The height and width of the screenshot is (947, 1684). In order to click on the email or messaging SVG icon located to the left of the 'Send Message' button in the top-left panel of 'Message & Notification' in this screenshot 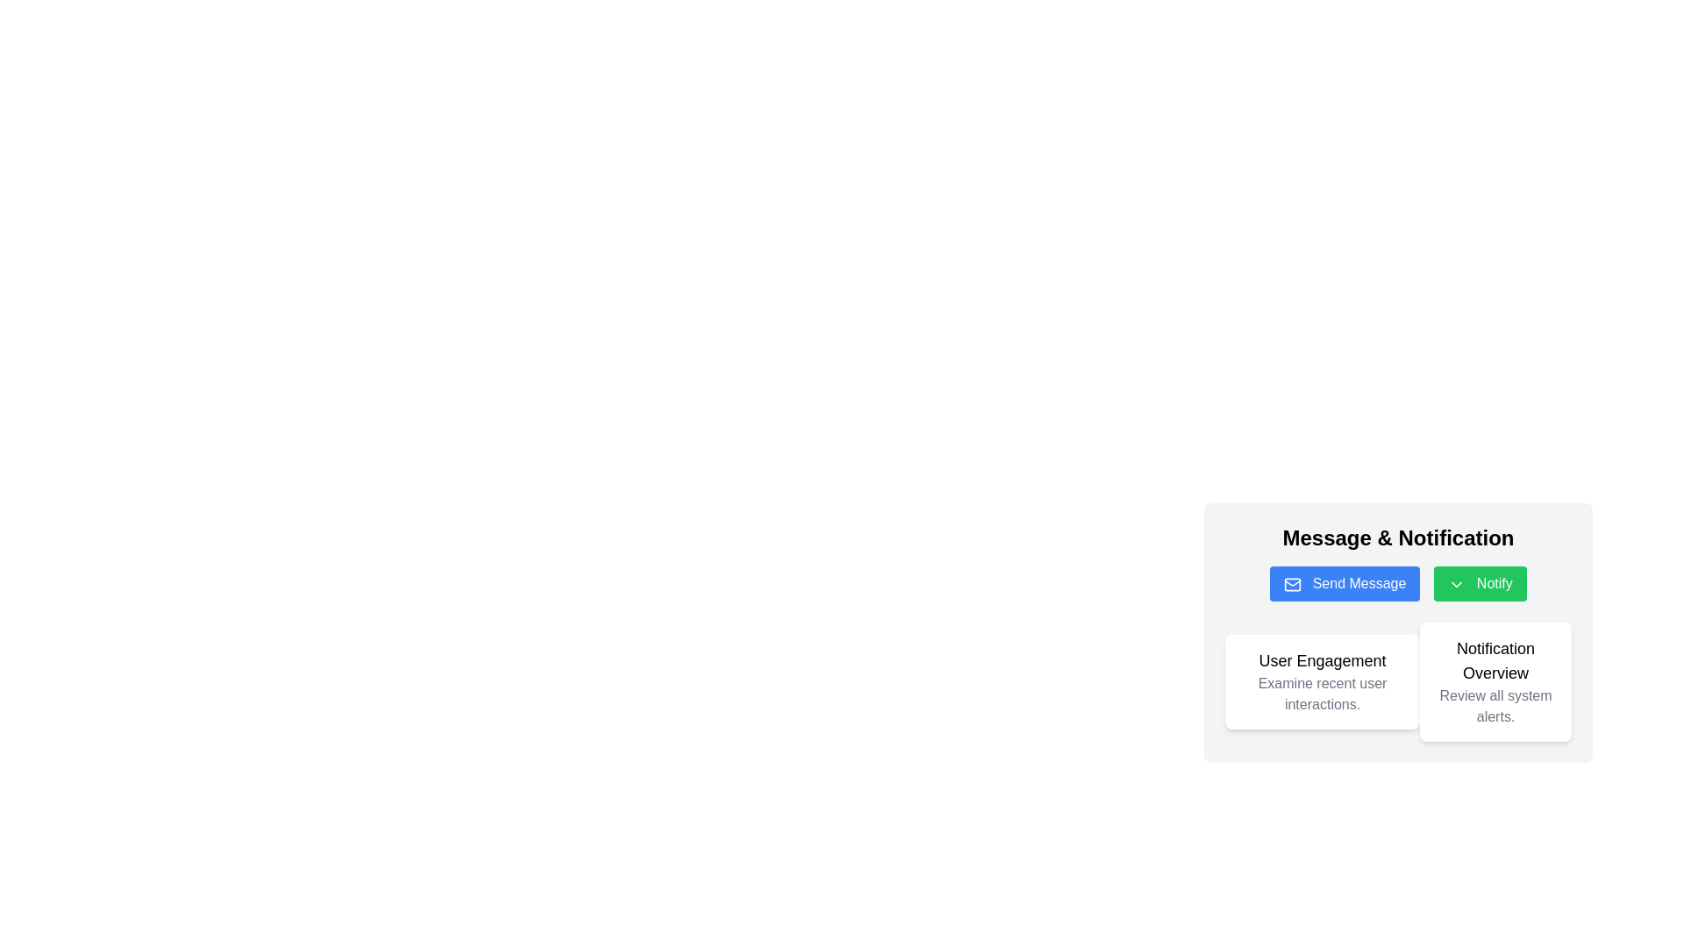, I will do `click(1293, 584)`.